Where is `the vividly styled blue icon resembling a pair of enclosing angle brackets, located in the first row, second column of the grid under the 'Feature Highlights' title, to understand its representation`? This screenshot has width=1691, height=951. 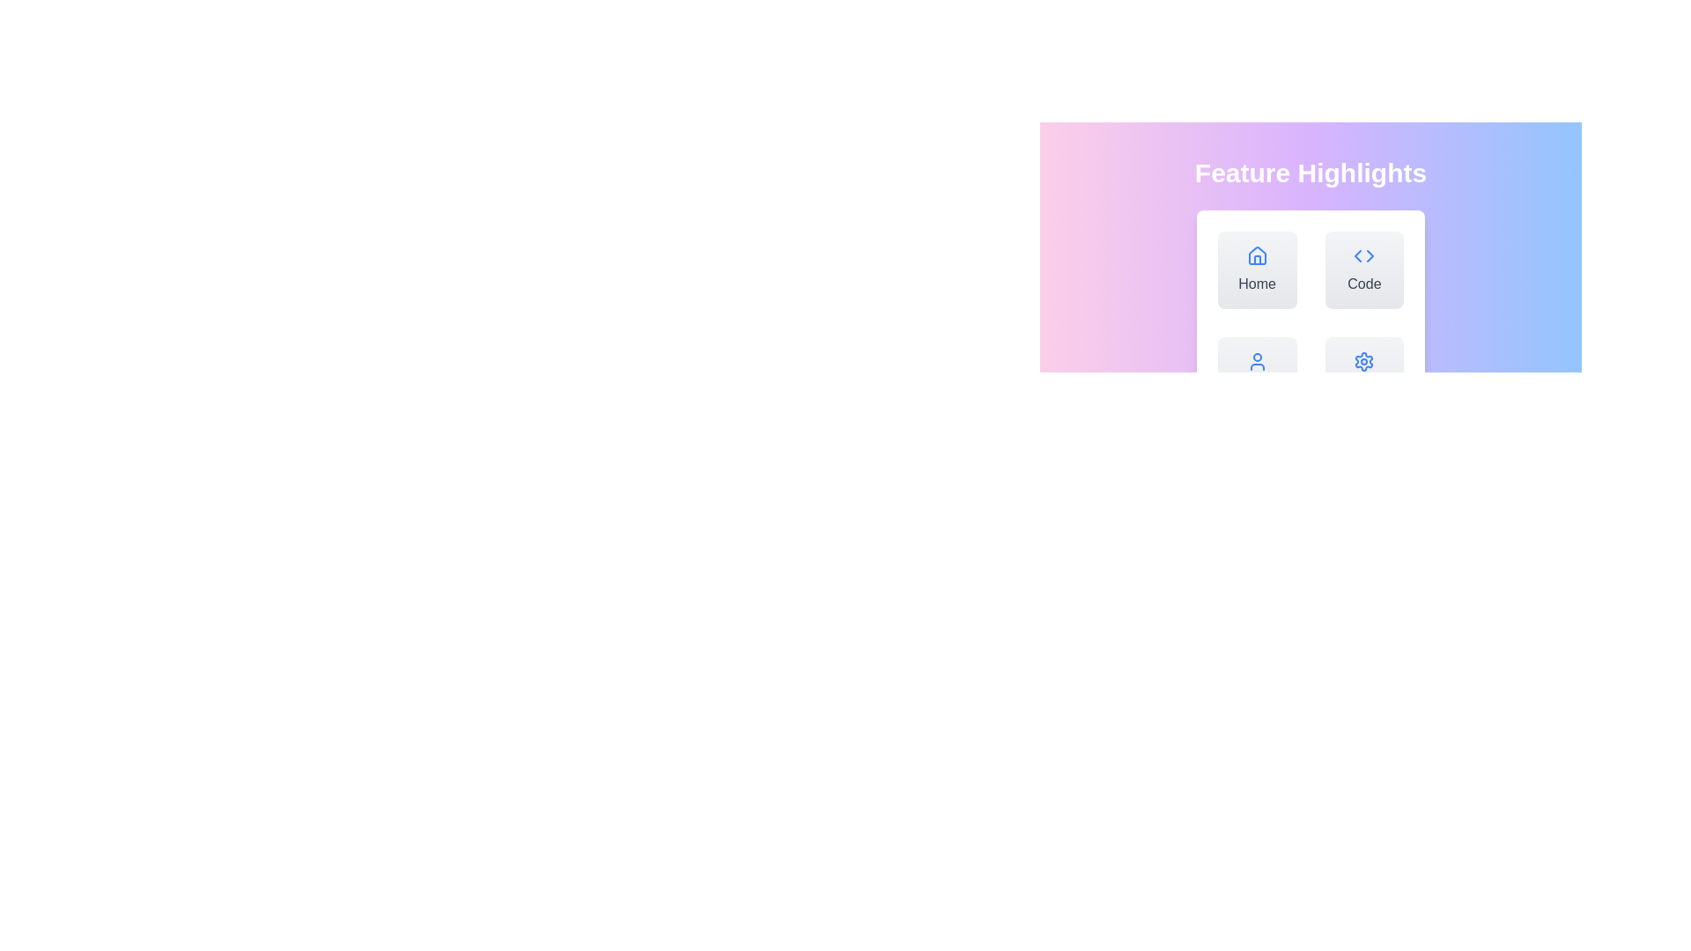 the vividly styled blue icon resembling a pair of enclosing angle brackets, located in the first row, second column of the grid under the 'Feature Highlights' title, to understand its representation is located at coordinates (1363, 255).